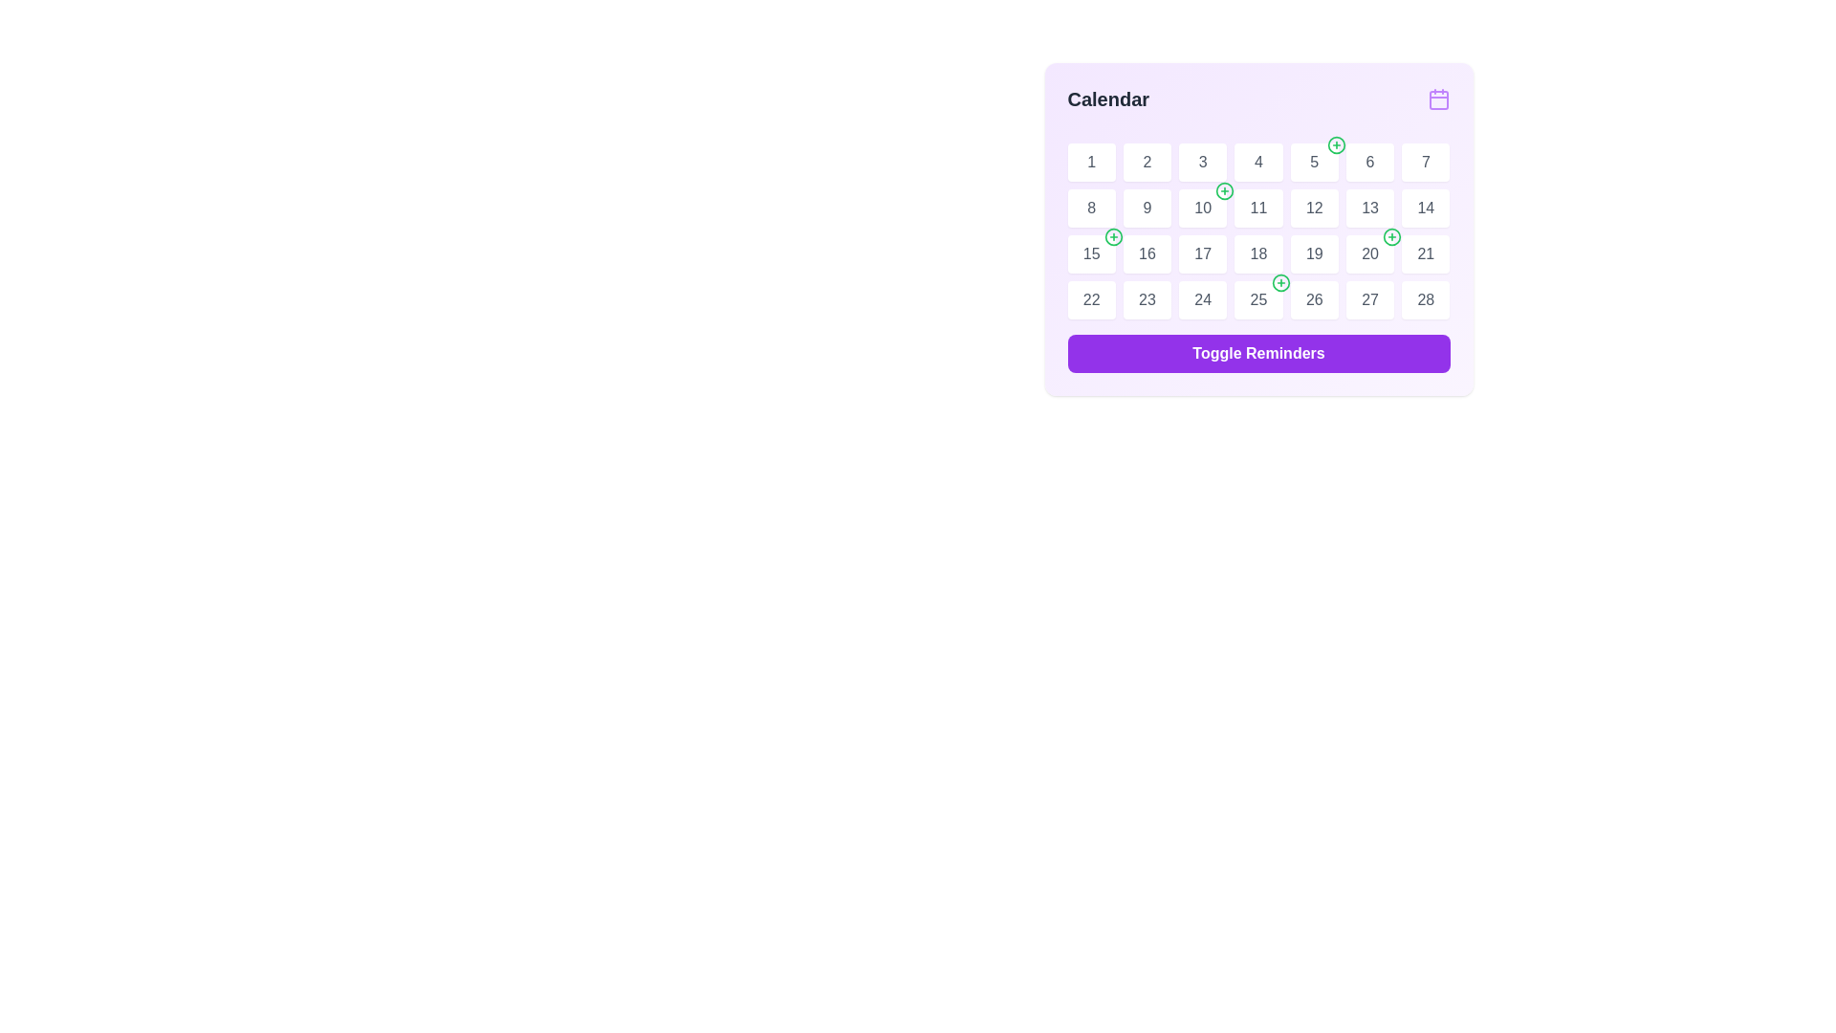  I want to click on the button-like calendar grid cell located in the bottom row, second from the left, so click(1147, 299).